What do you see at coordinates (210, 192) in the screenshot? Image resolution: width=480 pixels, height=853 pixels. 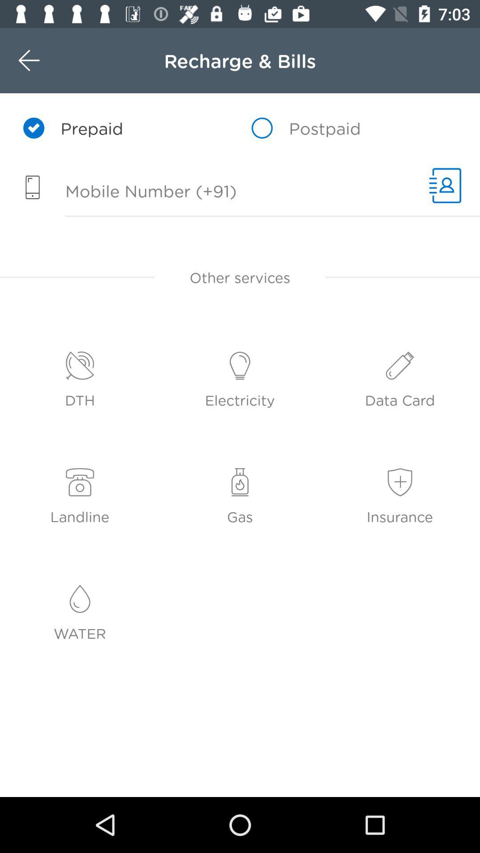 I see `the mobile number` at bounding box center [210, 192].